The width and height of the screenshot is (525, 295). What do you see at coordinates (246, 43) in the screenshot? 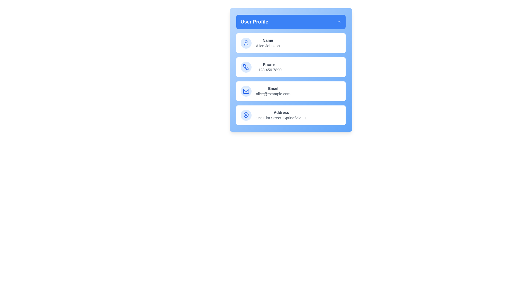
I see `the user silhouette icon on the profile card located in the top-left area, next to the text 'Name' and 'Alice Johnson'` at bounding box center [246, 43].